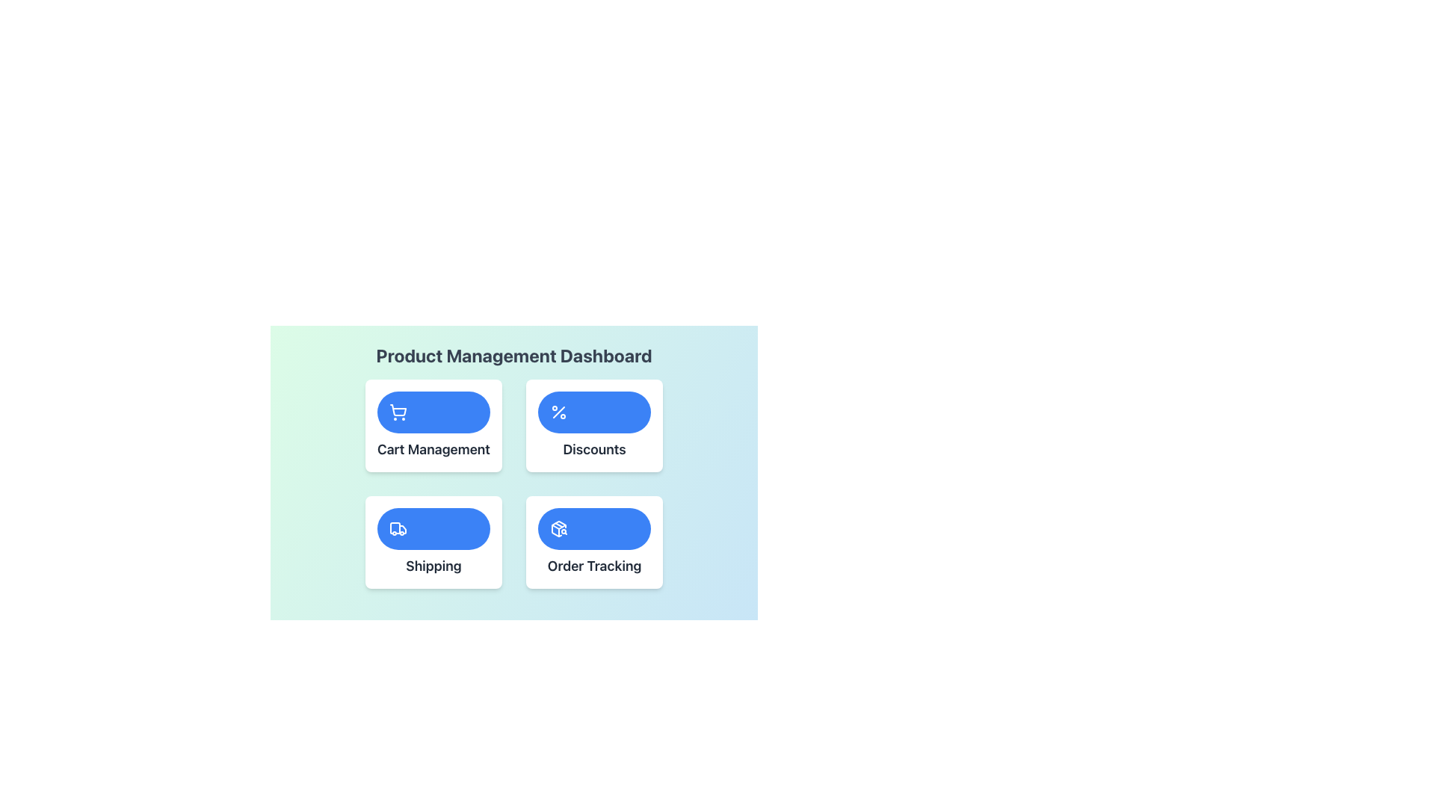  I want to click on the button located in the Discounts card at the top right corner of the 2x2 grid layout, which serves as the primary focus for discount-related functionalities, so click(593, 412).